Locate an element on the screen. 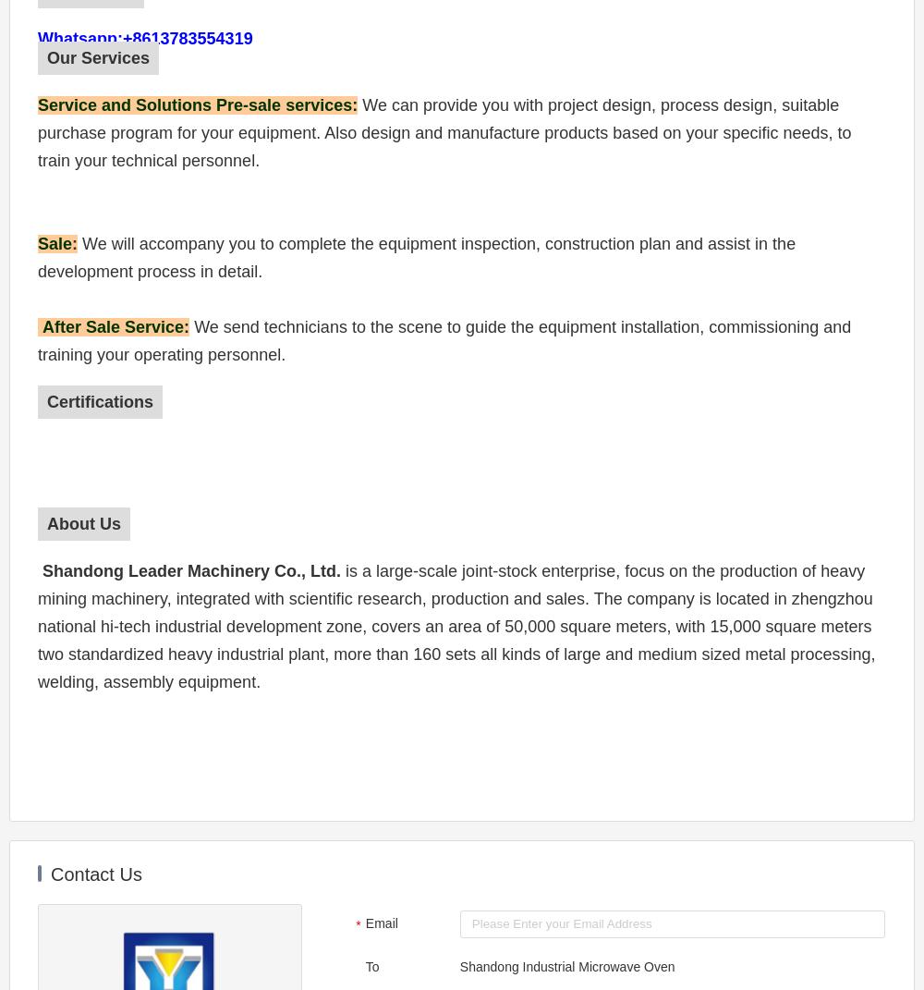 Image resolution: width=924 pixels, height=990 pixels. 'Shandong Leader Machinery Co., Ltd.' is located at coordinates (190, 569).